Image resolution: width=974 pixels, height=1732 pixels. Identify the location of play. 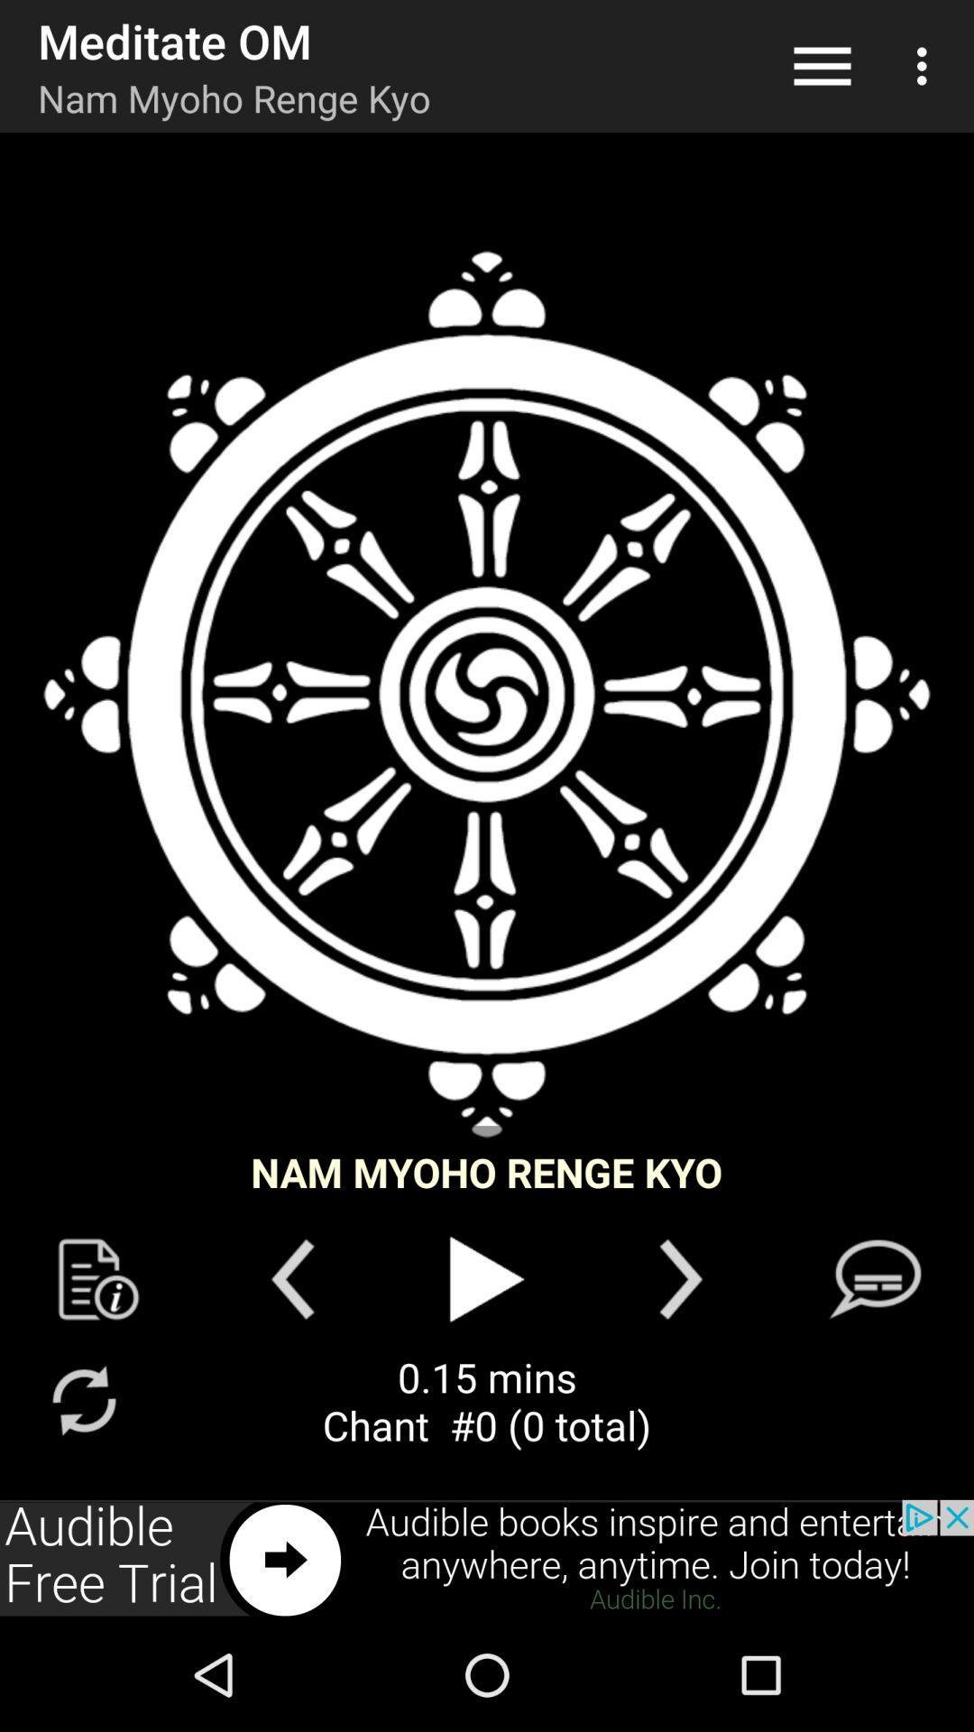
(487, 1278).